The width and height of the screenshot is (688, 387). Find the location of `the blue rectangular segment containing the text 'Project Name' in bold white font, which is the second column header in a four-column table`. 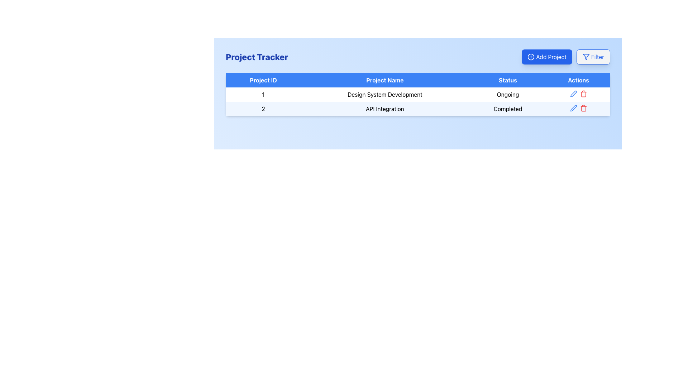

the blue rectangular segment containing the text 'Project Name' in bold white font, which is the second column header in a four-column table is located at coordinates (384, 80).